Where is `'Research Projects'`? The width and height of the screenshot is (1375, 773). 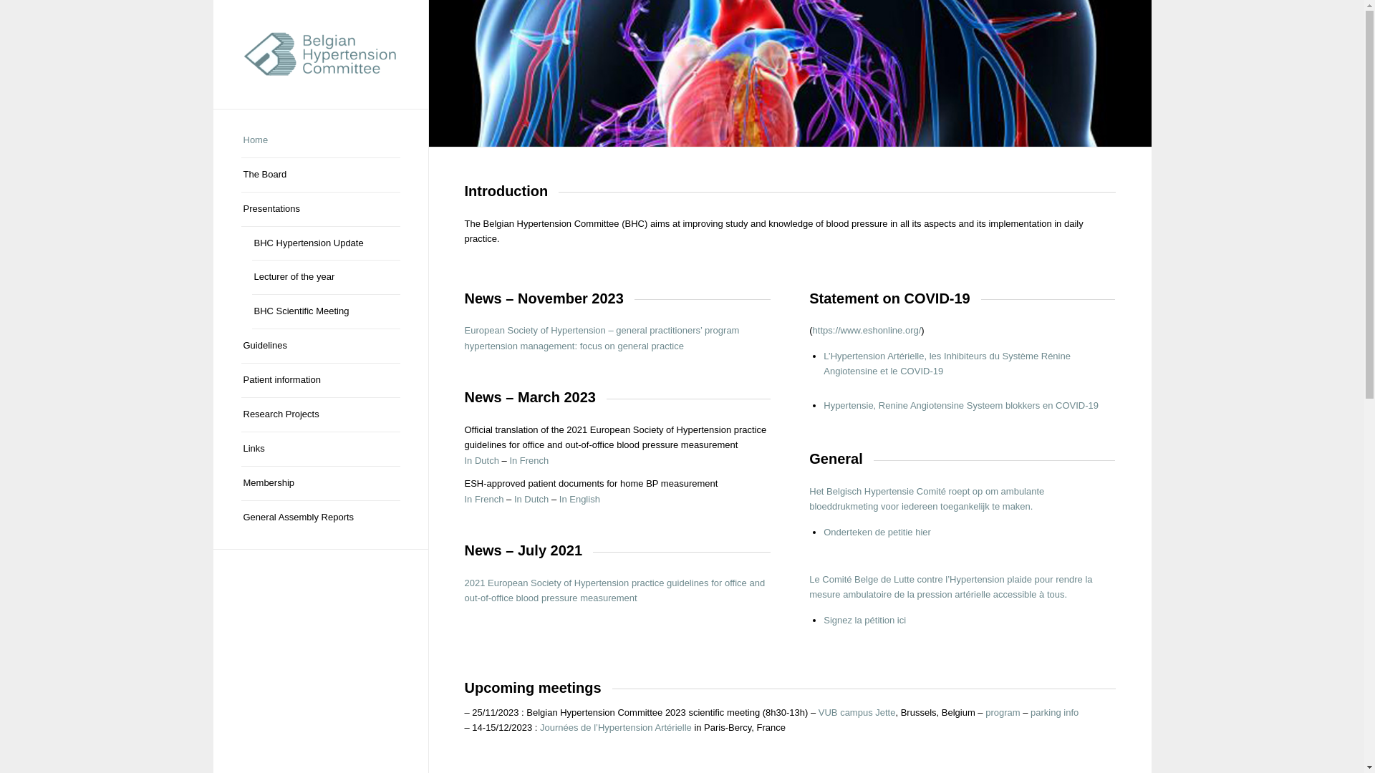 'Research Projects' is located at coordinates (319, 414).